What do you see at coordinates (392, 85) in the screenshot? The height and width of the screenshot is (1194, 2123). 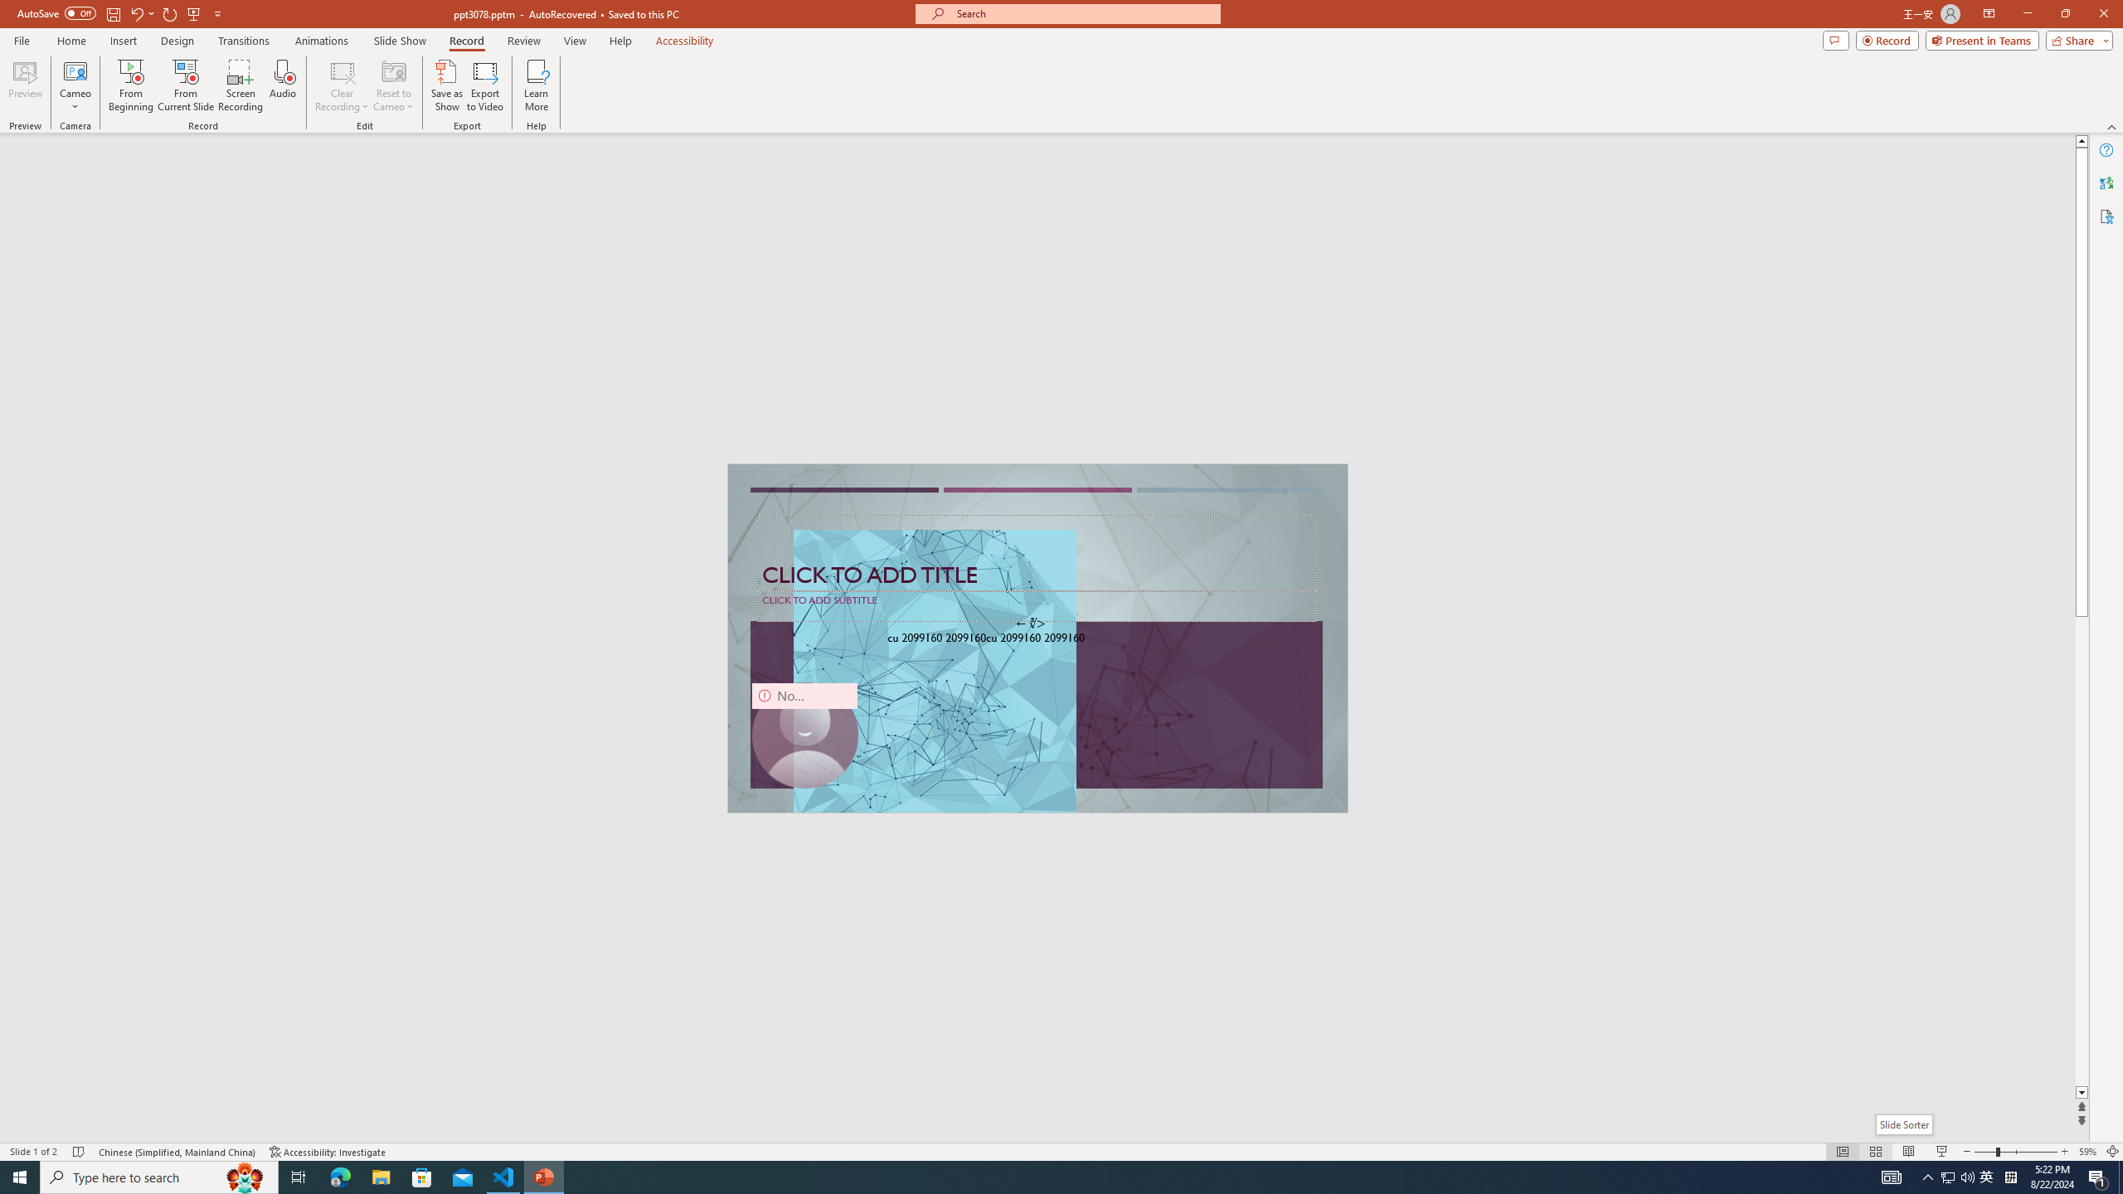 I see `'Reset to Cameo'` at bounding box center [392, 85].